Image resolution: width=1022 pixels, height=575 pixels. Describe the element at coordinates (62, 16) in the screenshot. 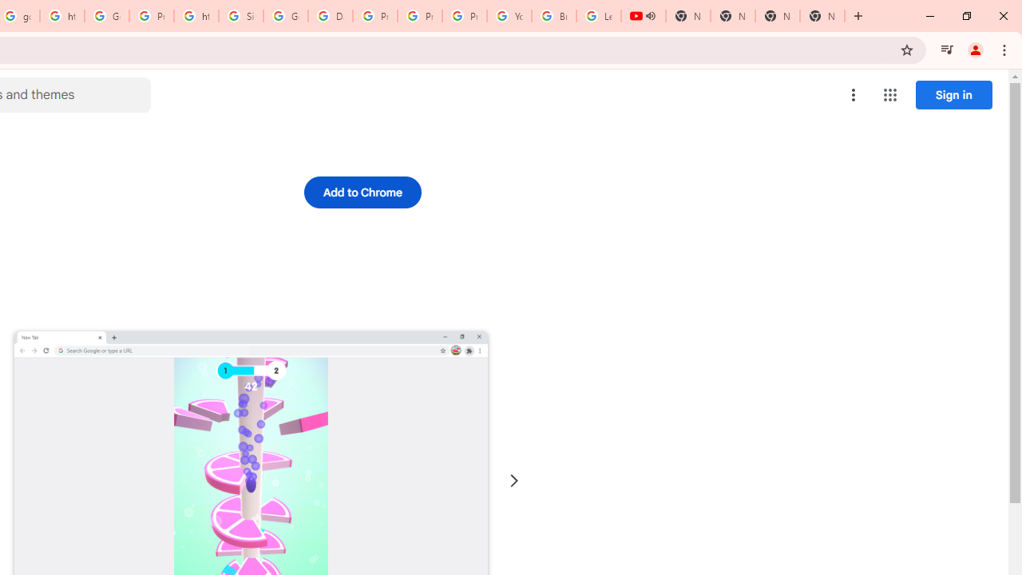

I see `'https://scholar.google.com/'` at that location.